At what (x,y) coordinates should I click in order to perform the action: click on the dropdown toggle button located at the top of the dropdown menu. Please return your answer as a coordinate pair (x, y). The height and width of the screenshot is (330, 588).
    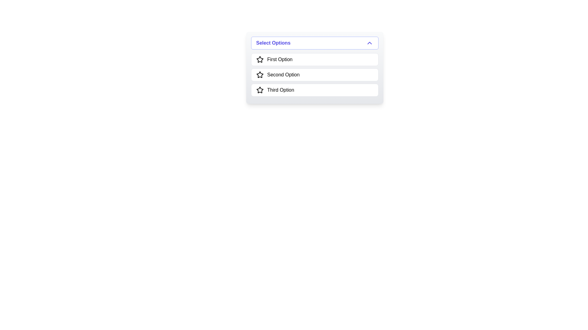
    Looking at the image, I should click on (315, 43).